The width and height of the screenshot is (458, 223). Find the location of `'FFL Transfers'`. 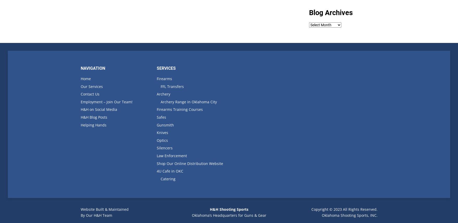

'FFL Transfers' is located at coordinates (172, 86).